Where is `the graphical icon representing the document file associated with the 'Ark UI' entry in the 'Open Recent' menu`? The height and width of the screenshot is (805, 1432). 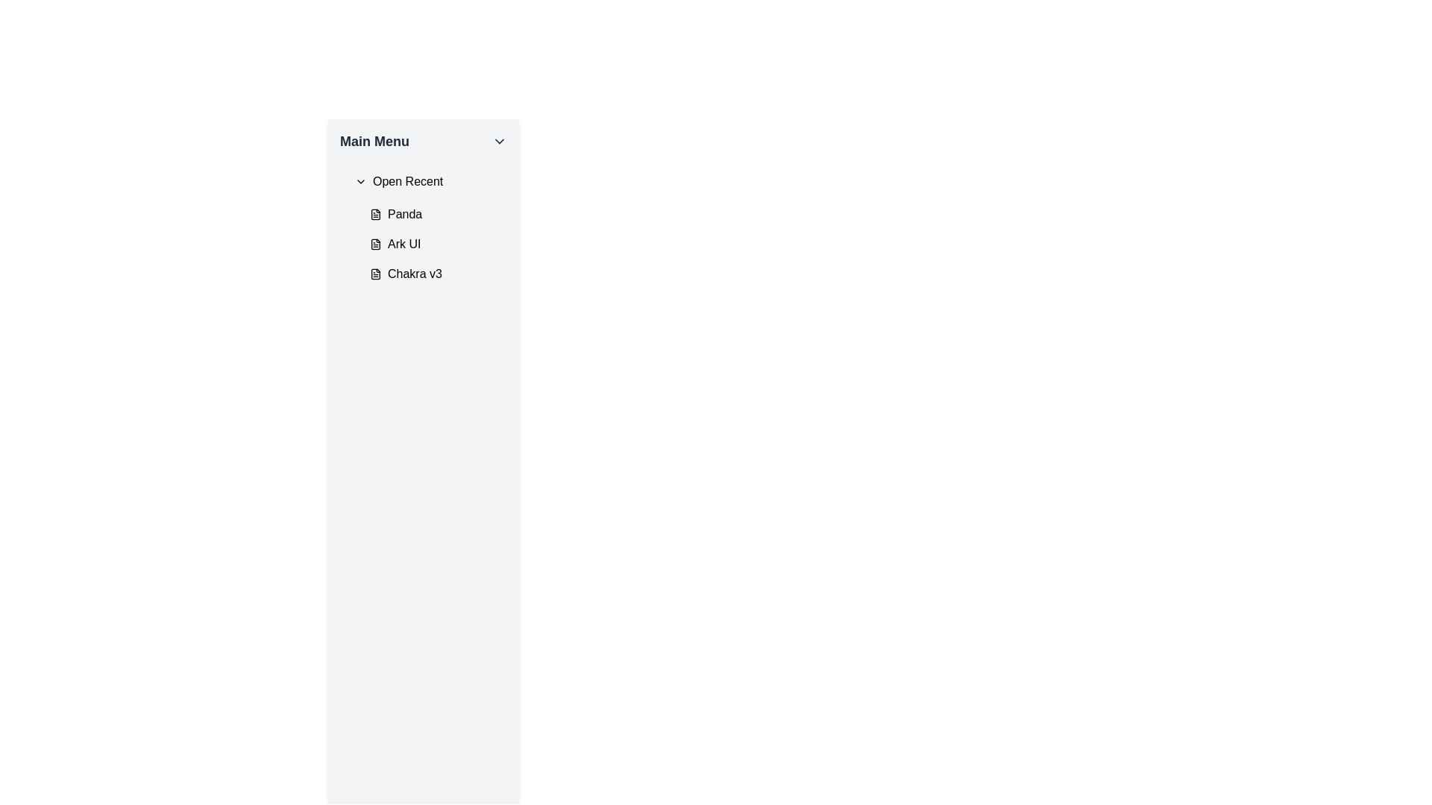 the graphical icon representing the document file associated with the 'Ark UI' entry in the 'Open Recent' menu is located at coordinates (376, 243).